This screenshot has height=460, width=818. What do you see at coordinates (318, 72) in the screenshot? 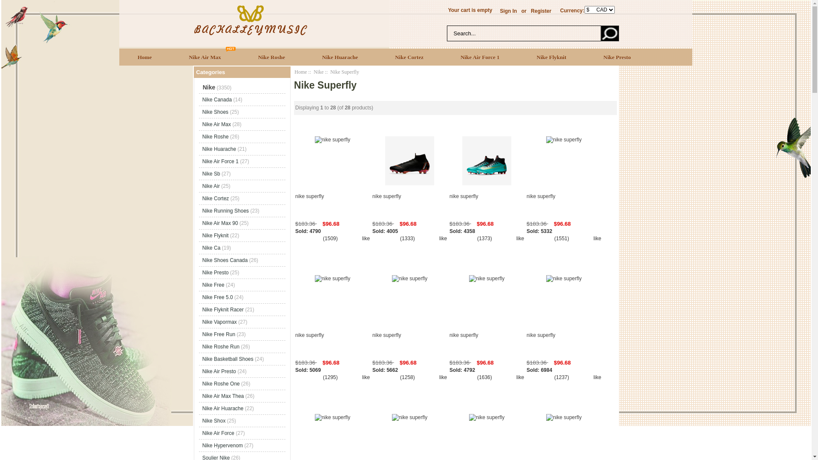
I see `'Nike'` at bounding box center [318, 72].